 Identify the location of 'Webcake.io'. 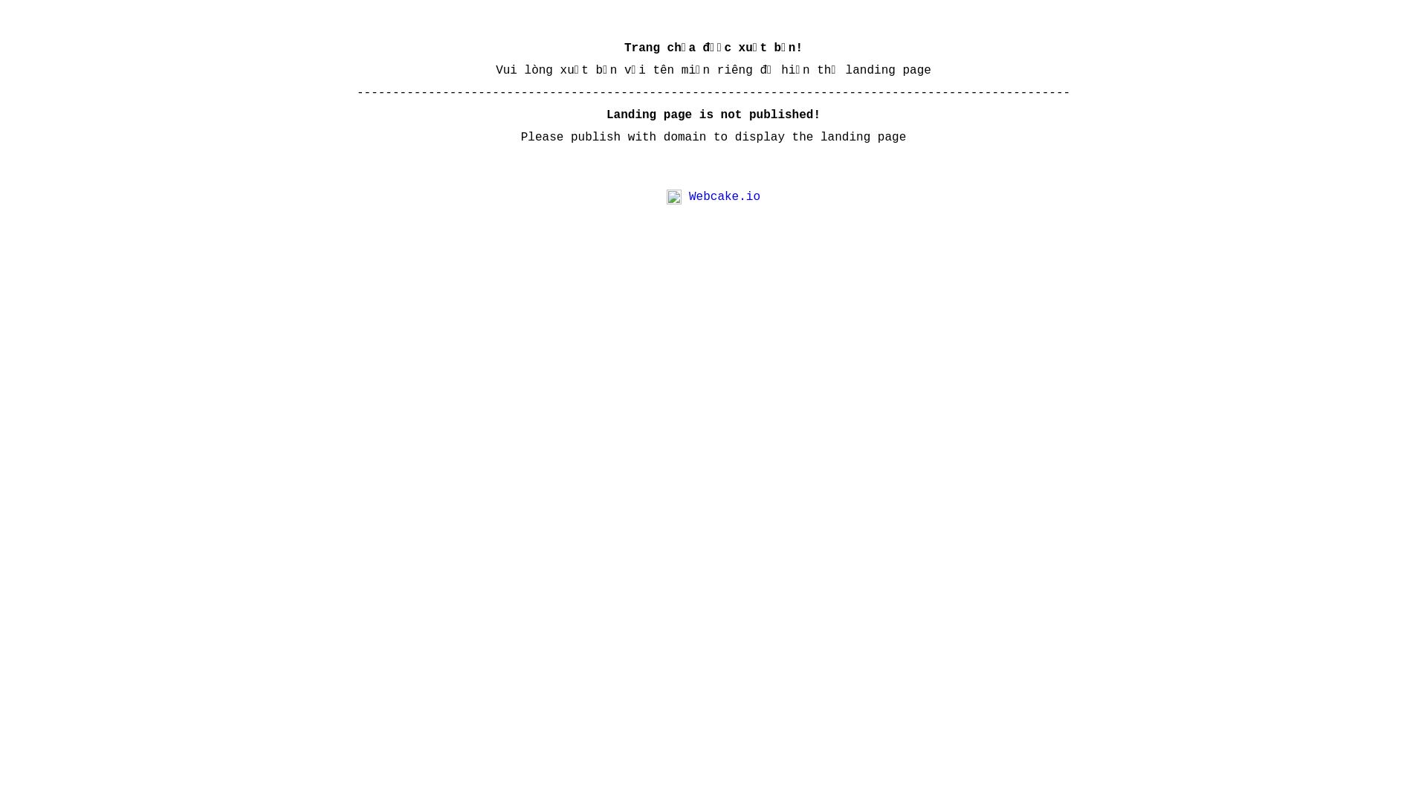
(724, 196).